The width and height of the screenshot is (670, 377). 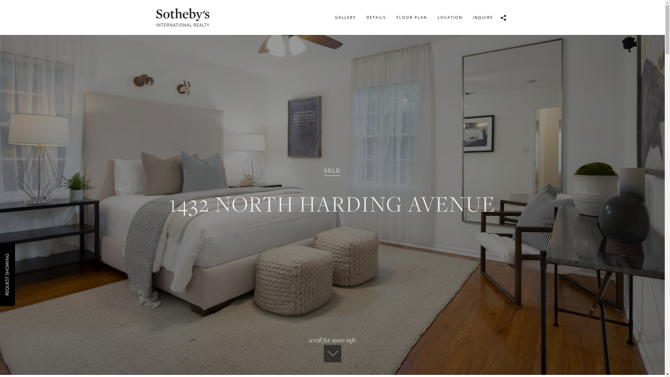 I want to click on 'FLOOR PLAN', so click(x=390, y=17).